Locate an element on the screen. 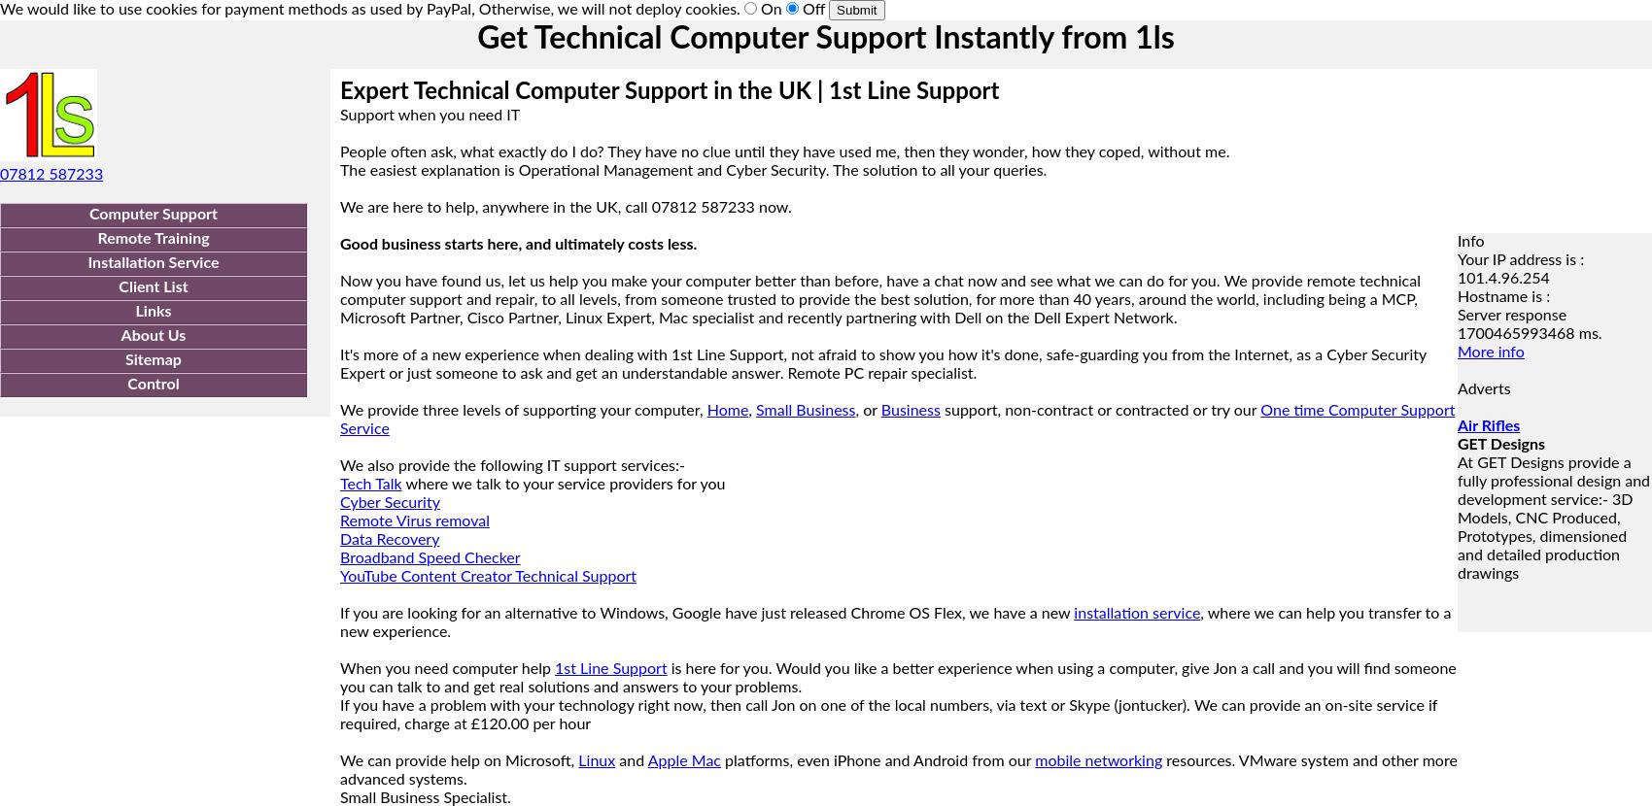 Image resolution: width=1652 pixels, height=806 pixels. 'Sitemap' is located at coordinates (152, 360).